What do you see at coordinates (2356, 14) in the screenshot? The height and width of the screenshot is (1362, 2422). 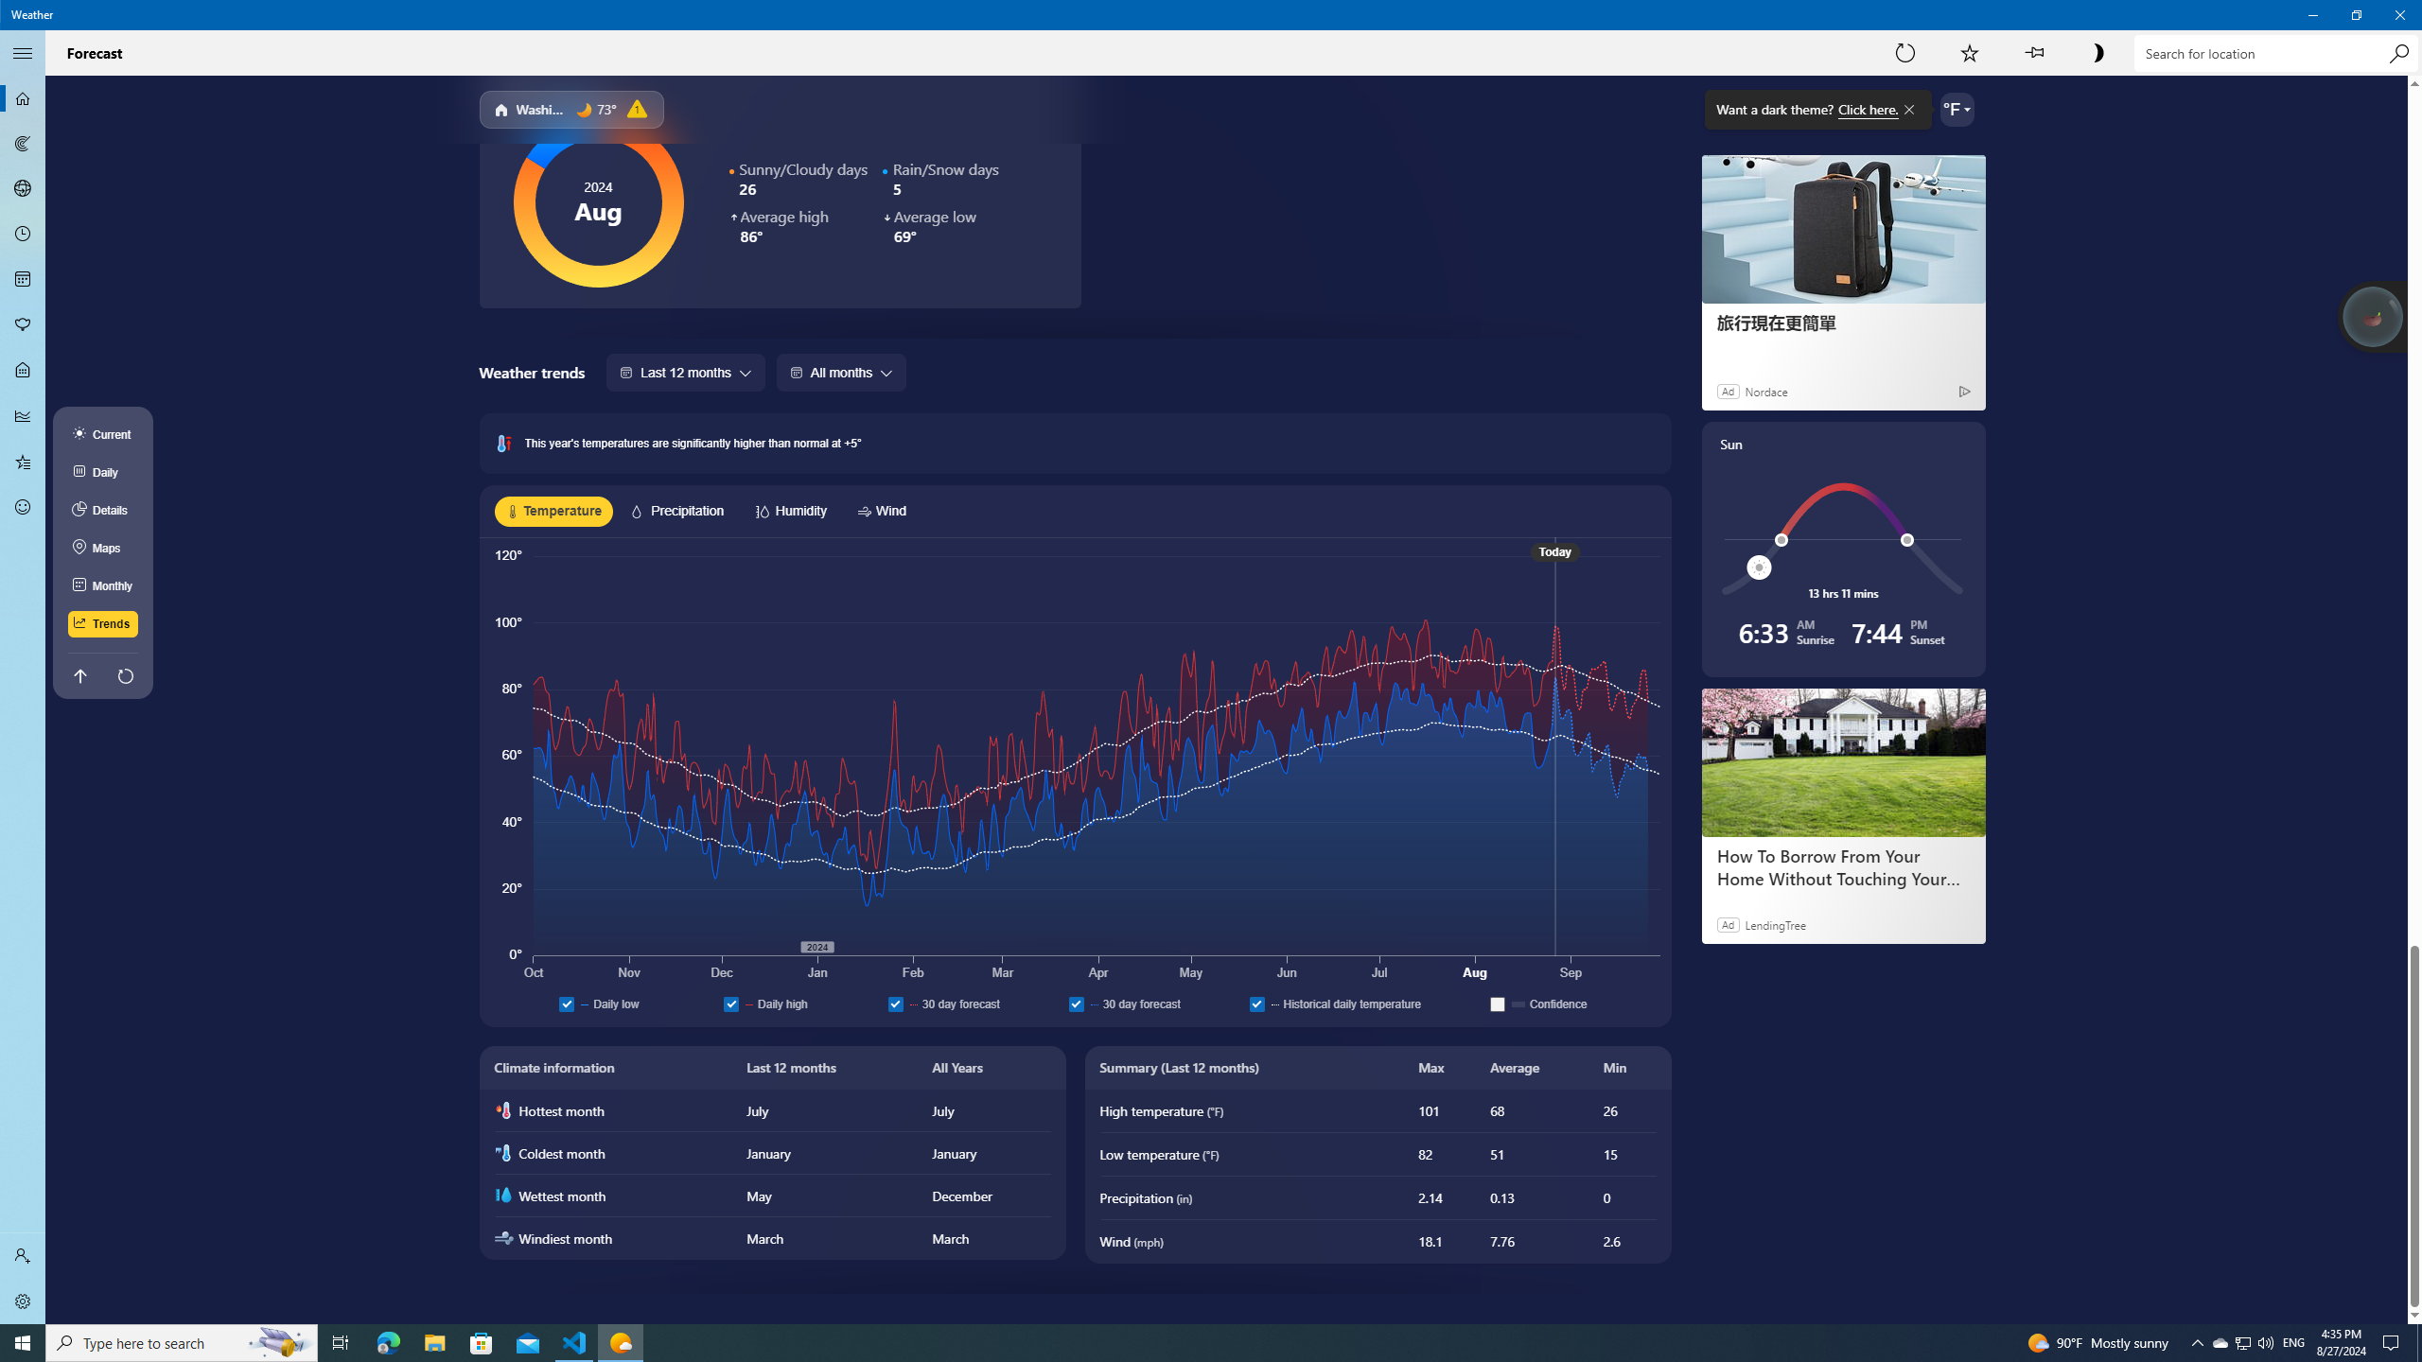 I see `'Restore Weather'` at bounding box center [2356, 14].